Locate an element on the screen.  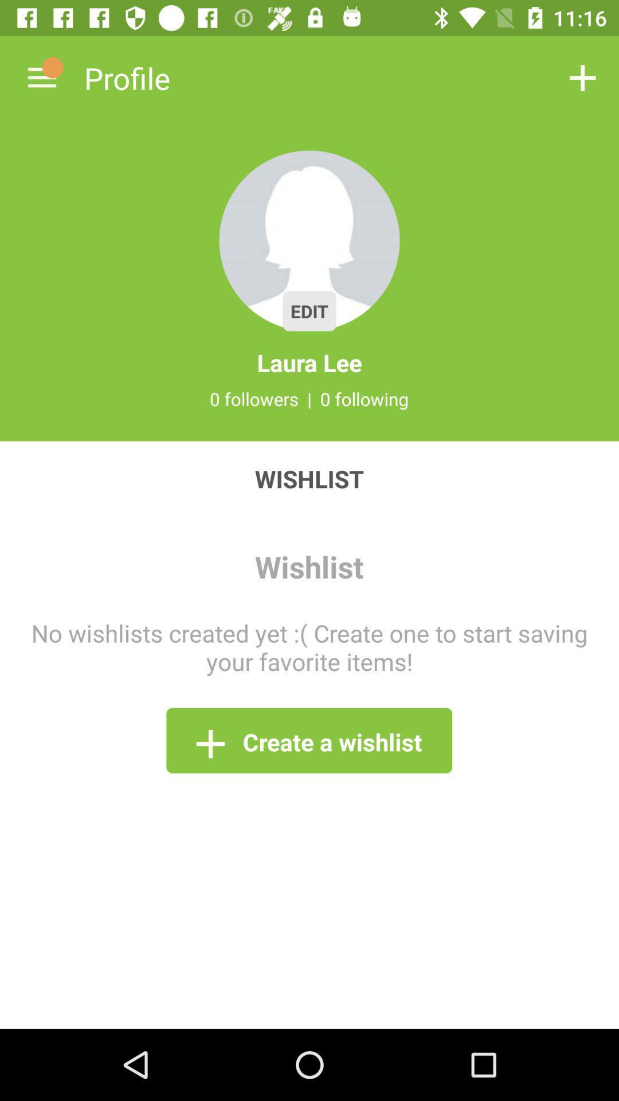
the icon above the     create a wishlist icon is located at coordinates (309, 647).